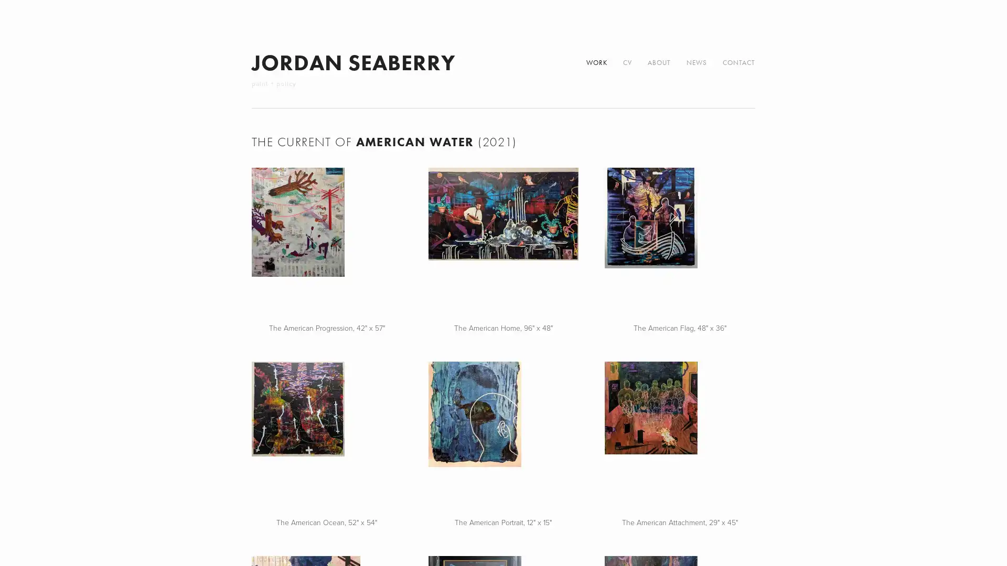 Image resolution: width=1007 pixels, height=566 pixels. What do you see at coordinates (502, 242) in the screenshot?
I see `View fullsize The American Home, 96" x 48"` at bounding box center [502, 242].